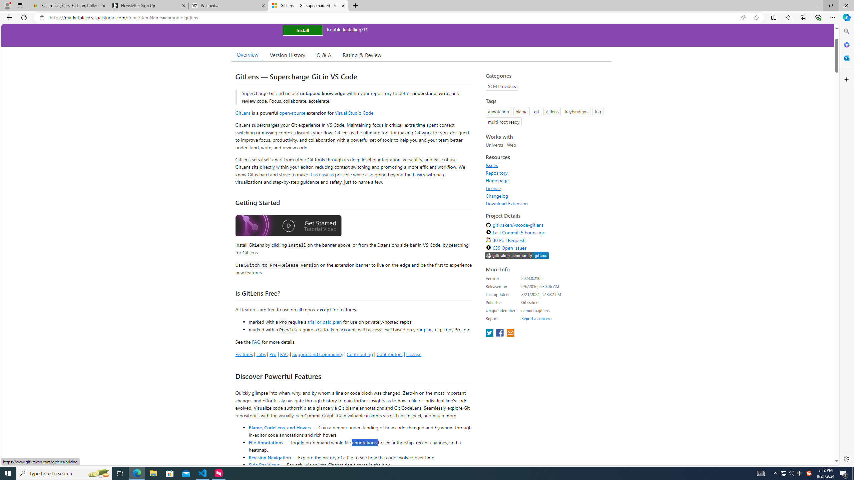 This screenshot has width=854, height=480. Describe the element at coordinates (510, 333) in the screenshot. I see `'share extension on email'` at that location.